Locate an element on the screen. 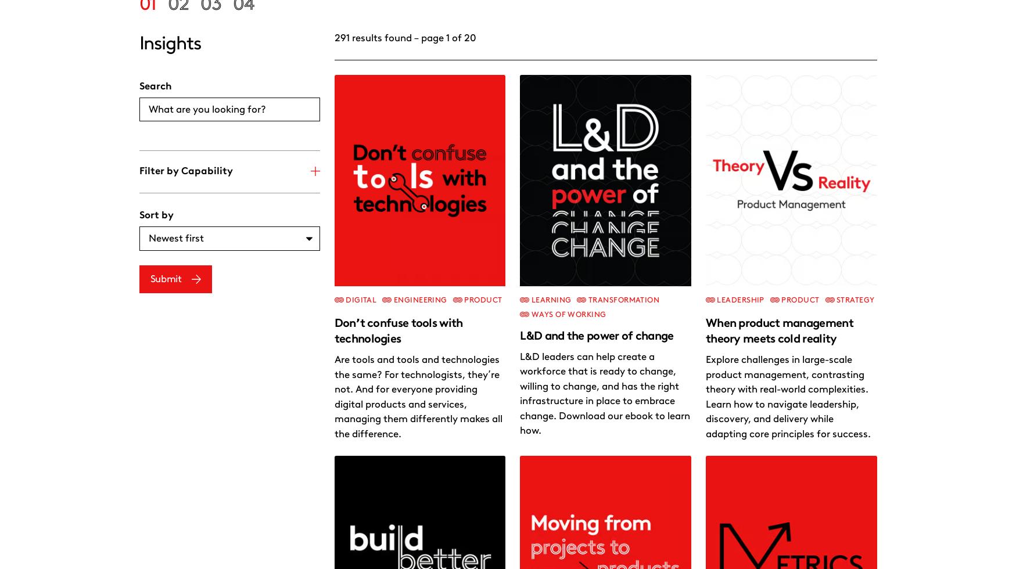 This screenshot has height=569, width=1016. 'Nurturing leadership in today’s workplace' is located at coordinates (519, 243).